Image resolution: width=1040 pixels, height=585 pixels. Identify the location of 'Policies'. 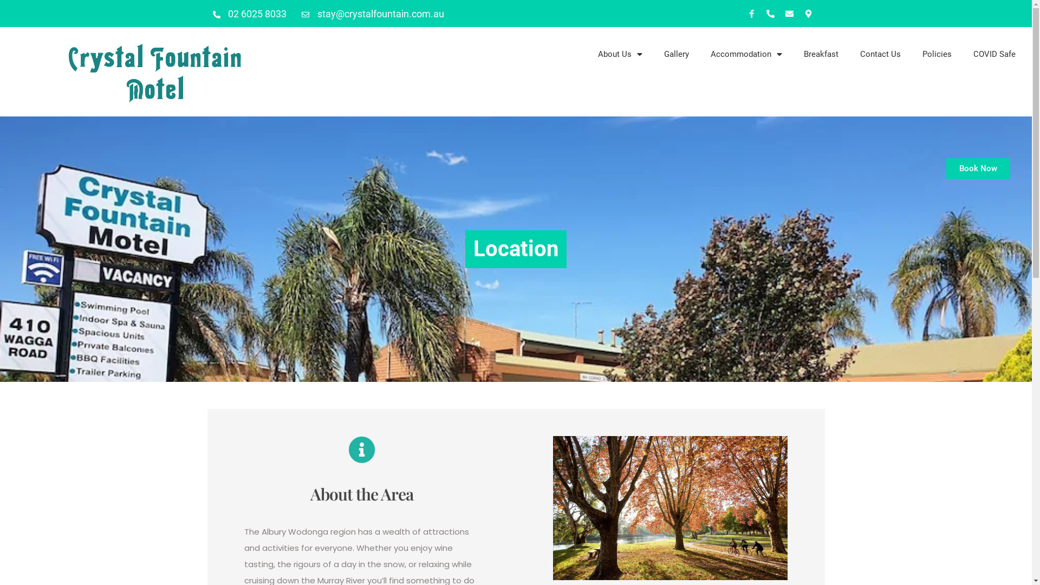
(911, 54).